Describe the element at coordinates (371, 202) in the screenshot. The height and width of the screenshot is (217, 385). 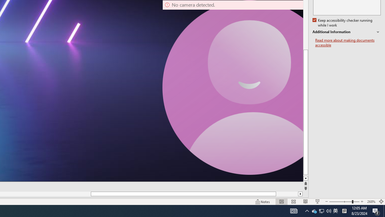
I see `'Zoom 268%'` at that location.